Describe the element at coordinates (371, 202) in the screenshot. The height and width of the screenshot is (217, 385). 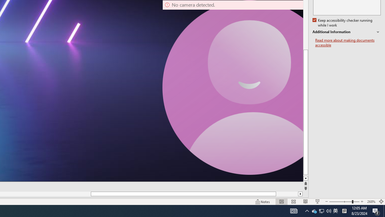
I see `'Zoom 268%'` at that location.